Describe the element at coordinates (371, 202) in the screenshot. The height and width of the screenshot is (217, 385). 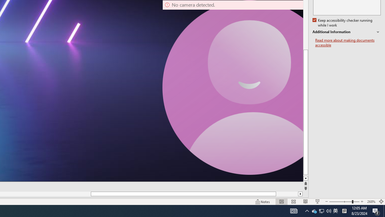
I see `'Zoom 268%'` at that location.